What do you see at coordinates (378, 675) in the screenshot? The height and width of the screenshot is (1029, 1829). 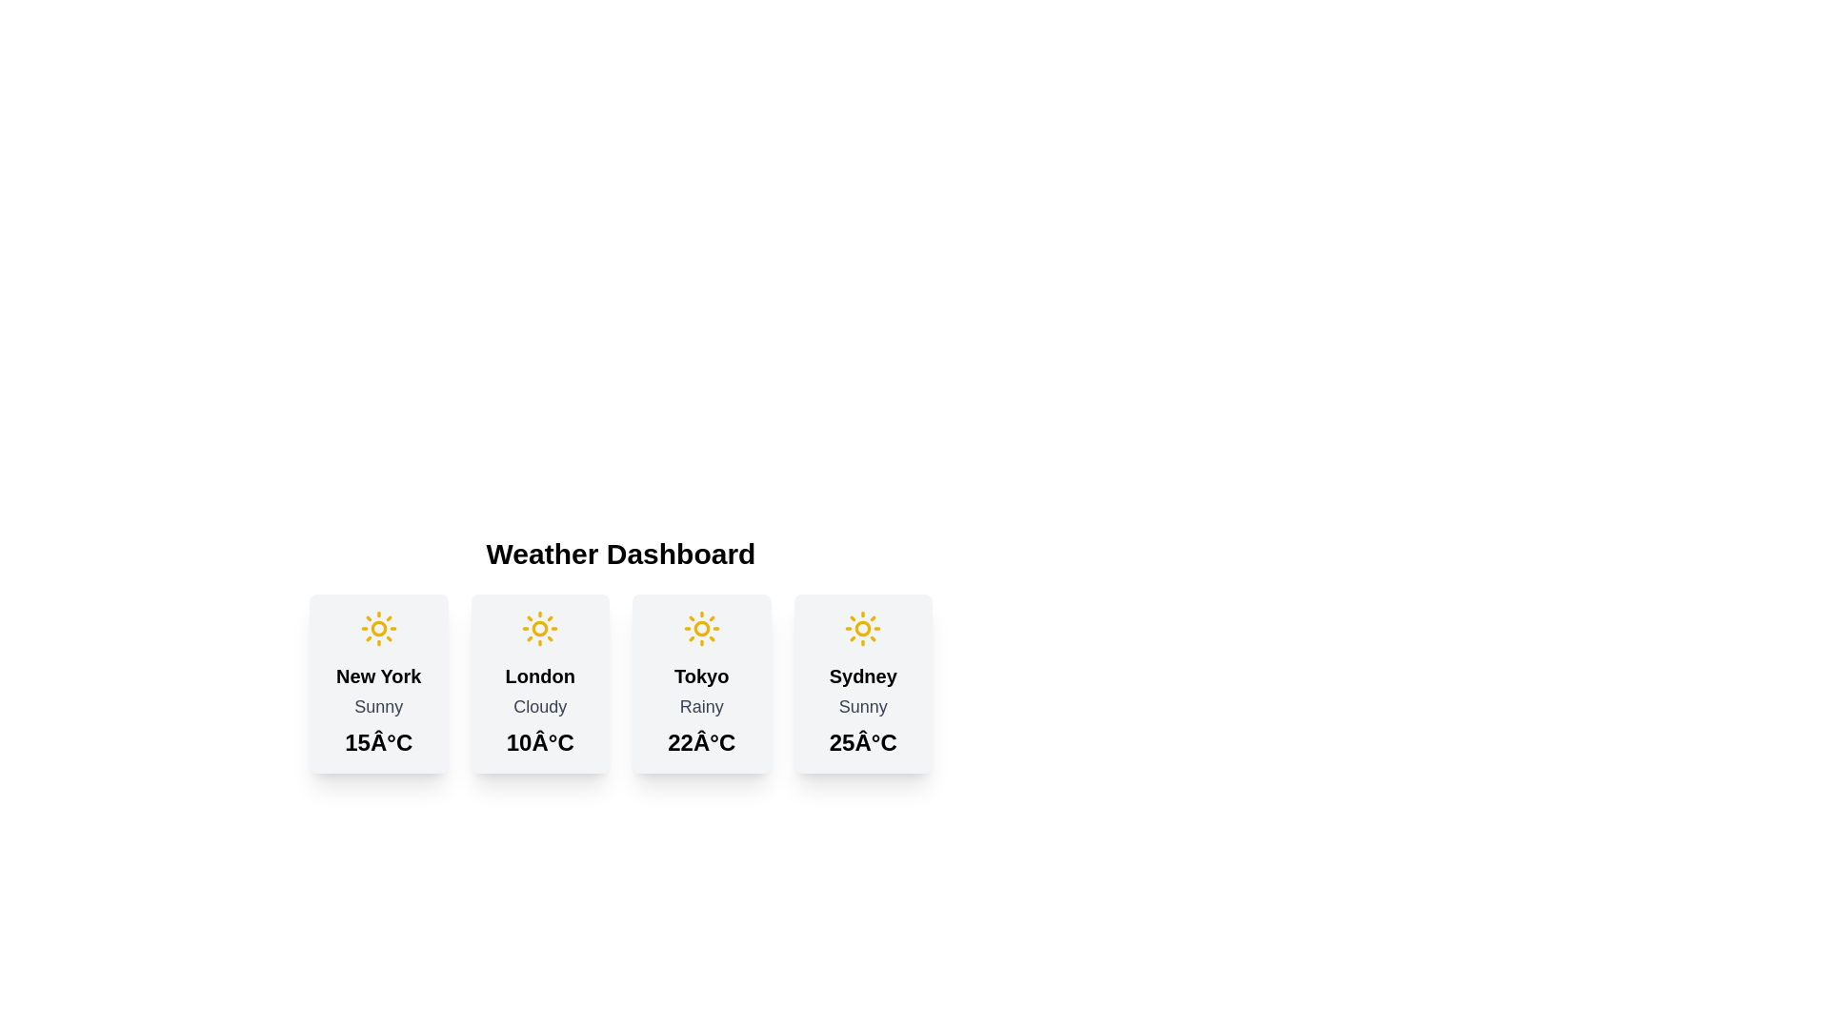 I see `the text label element displaying 'New York'` at bounding box center [378, 675].